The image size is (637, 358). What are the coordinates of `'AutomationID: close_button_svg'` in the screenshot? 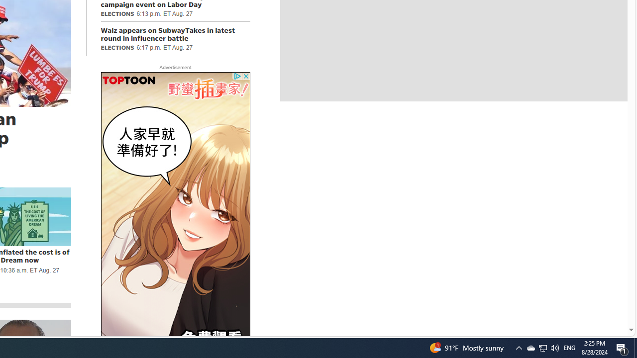 It's located at (246, 76).